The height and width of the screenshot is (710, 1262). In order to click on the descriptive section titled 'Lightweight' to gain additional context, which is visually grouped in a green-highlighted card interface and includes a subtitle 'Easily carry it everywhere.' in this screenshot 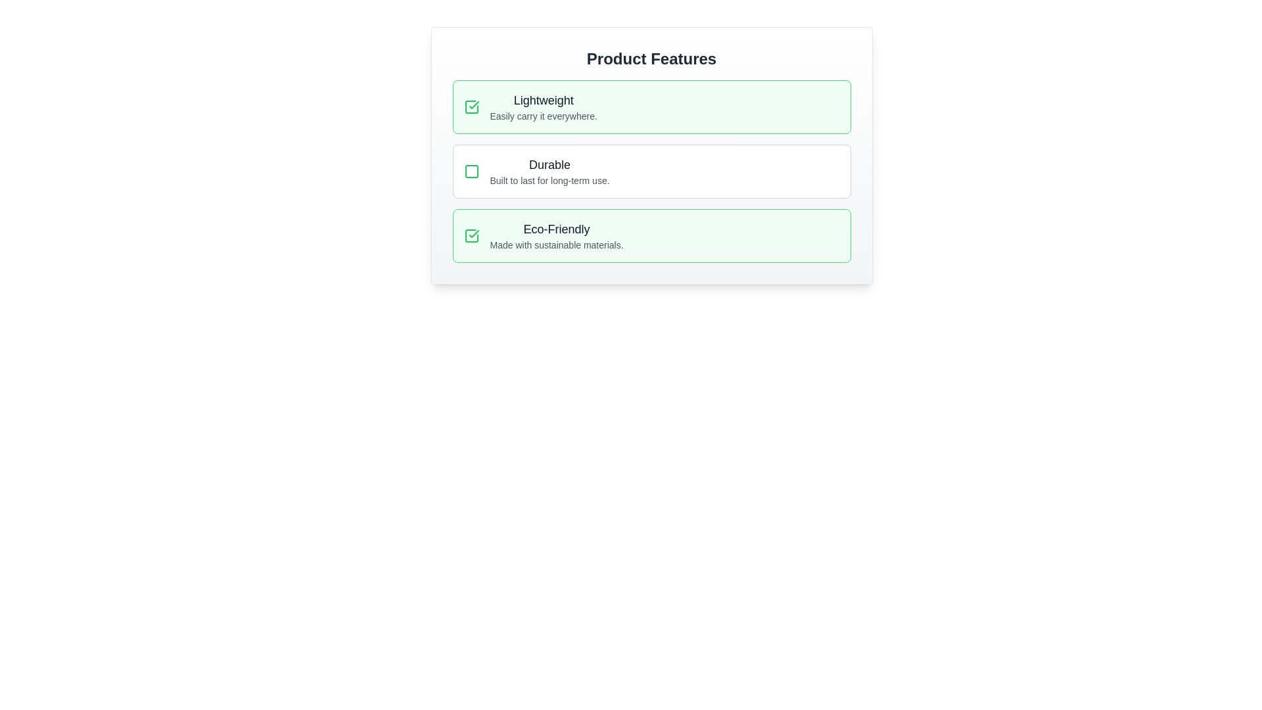, I will do `click(544, 106)`.